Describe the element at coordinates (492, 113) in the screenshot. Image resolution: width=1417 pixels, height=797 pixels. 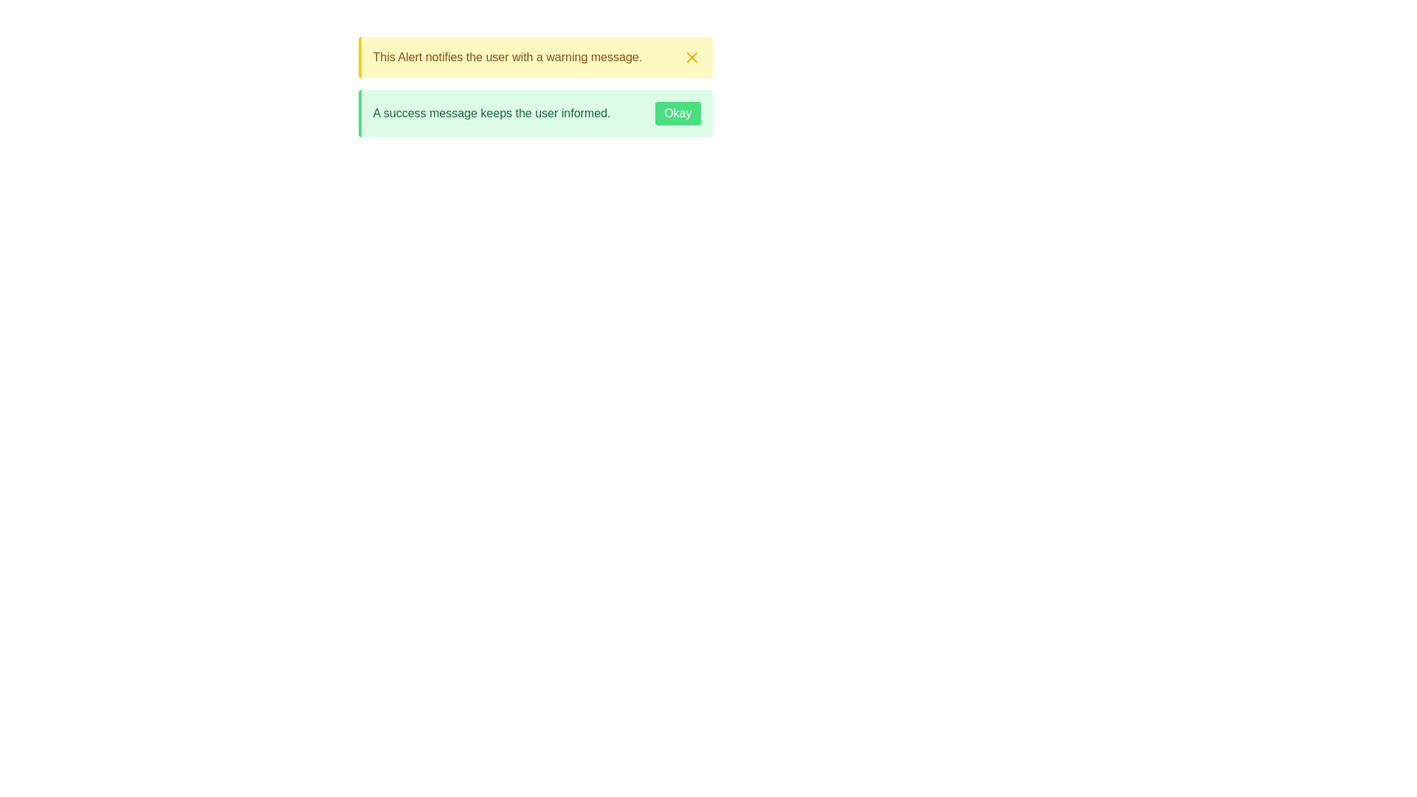
I see `success message from the text label located in the green alert box, which is positioned to the left of the 'Okay' button` at that location.